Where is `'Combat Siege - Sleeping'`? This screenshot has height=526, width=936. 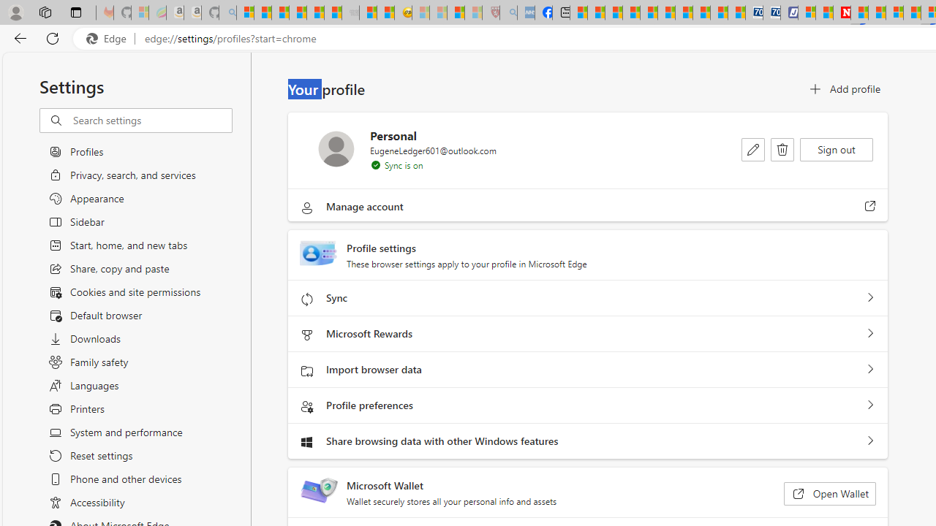 'Combat Siege - Sleeping' is located at coordinates (351, 12).